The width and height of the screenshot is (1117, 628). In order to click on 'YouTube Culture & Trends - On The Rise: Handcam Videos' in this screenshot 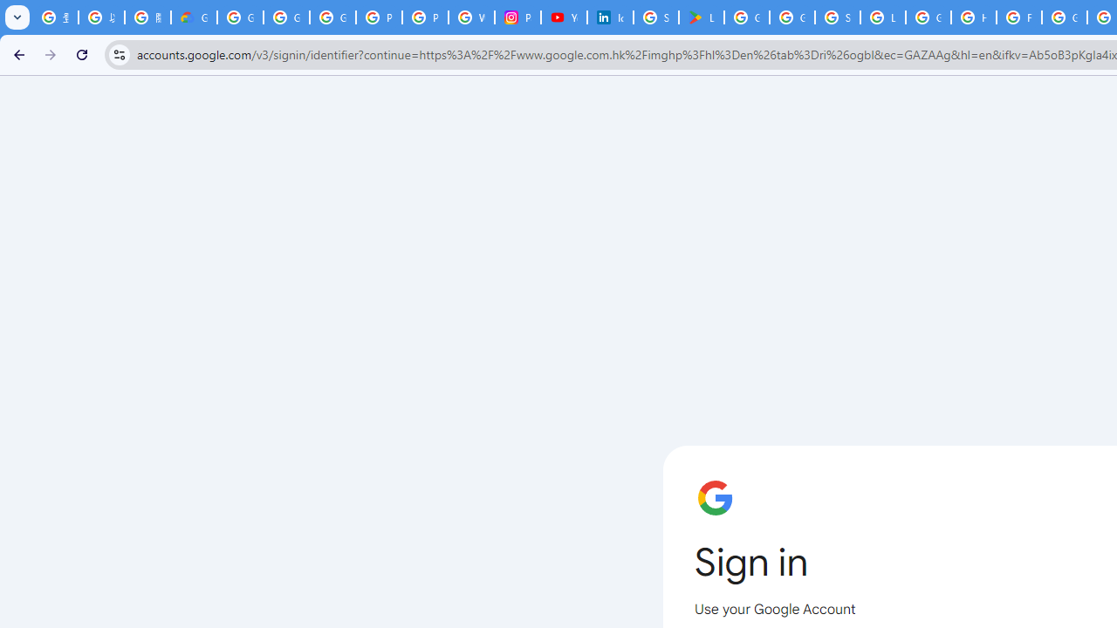, I will do `click(564, 17)`.